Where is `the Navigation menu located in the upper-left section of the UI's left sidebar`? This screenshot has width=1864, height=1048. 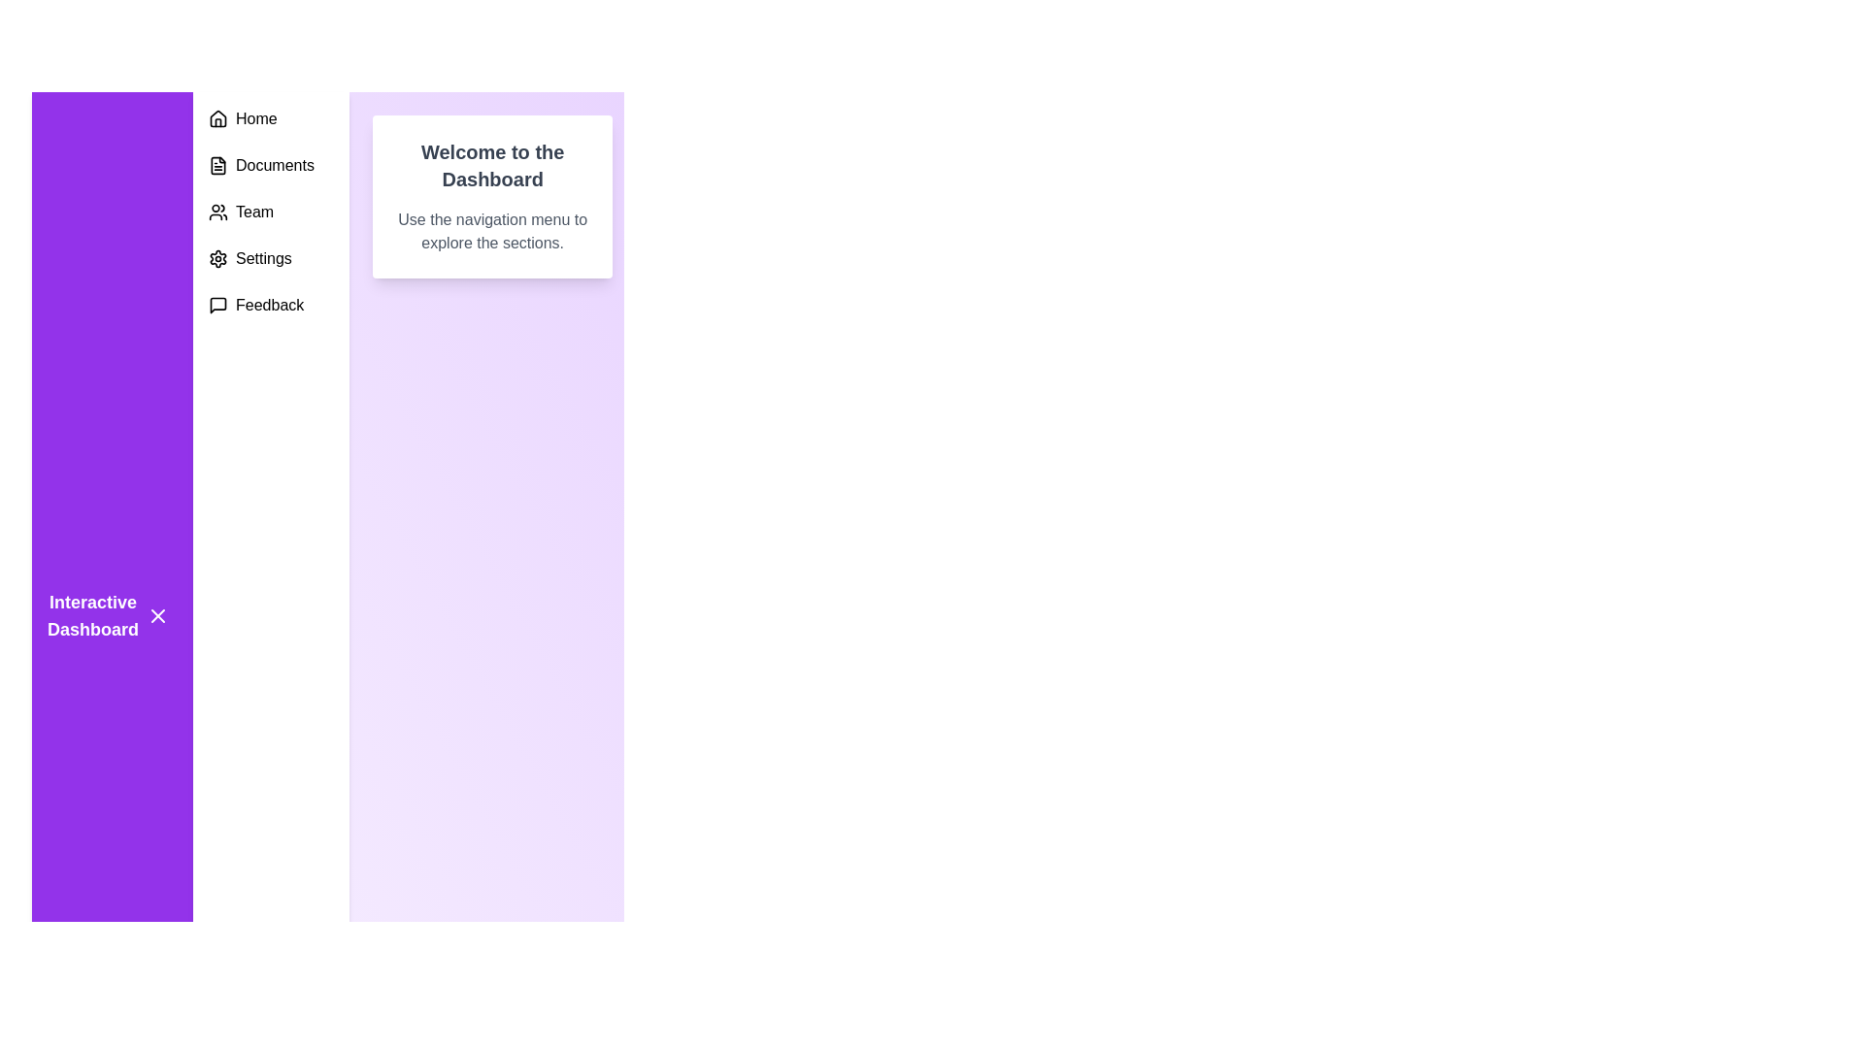 the Navigation menu located in the upper-left section of the UI's left sidebar is located at coordinates (270, 213).